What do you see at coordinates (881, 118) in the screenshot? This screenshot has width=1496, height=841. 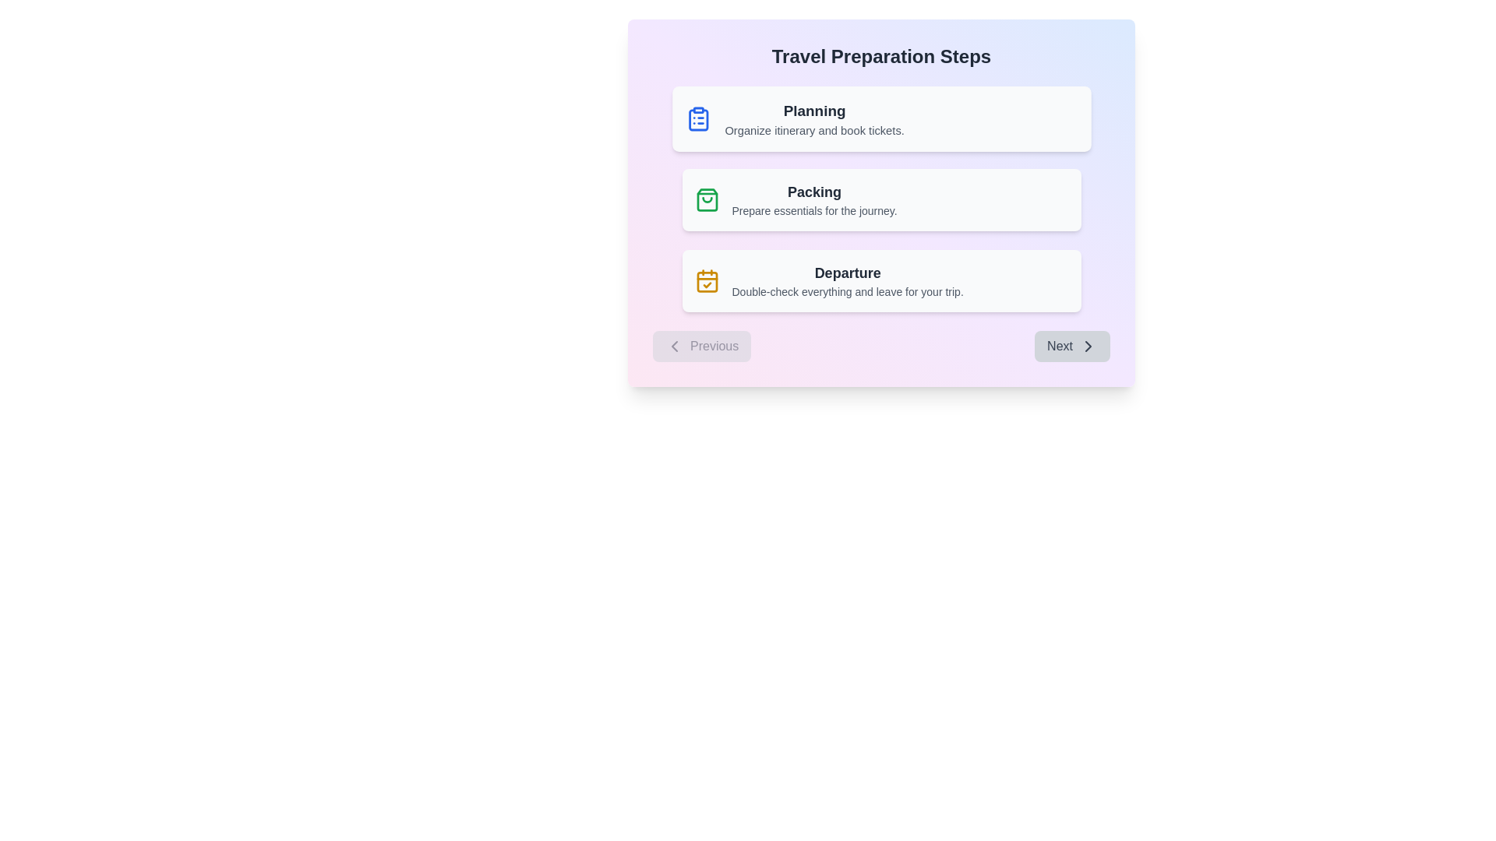 I see `the informational card or panel displaying the clipboard icon and the text 'Planning' which is the first item in a vertical list` at bounding box center [881, 118].